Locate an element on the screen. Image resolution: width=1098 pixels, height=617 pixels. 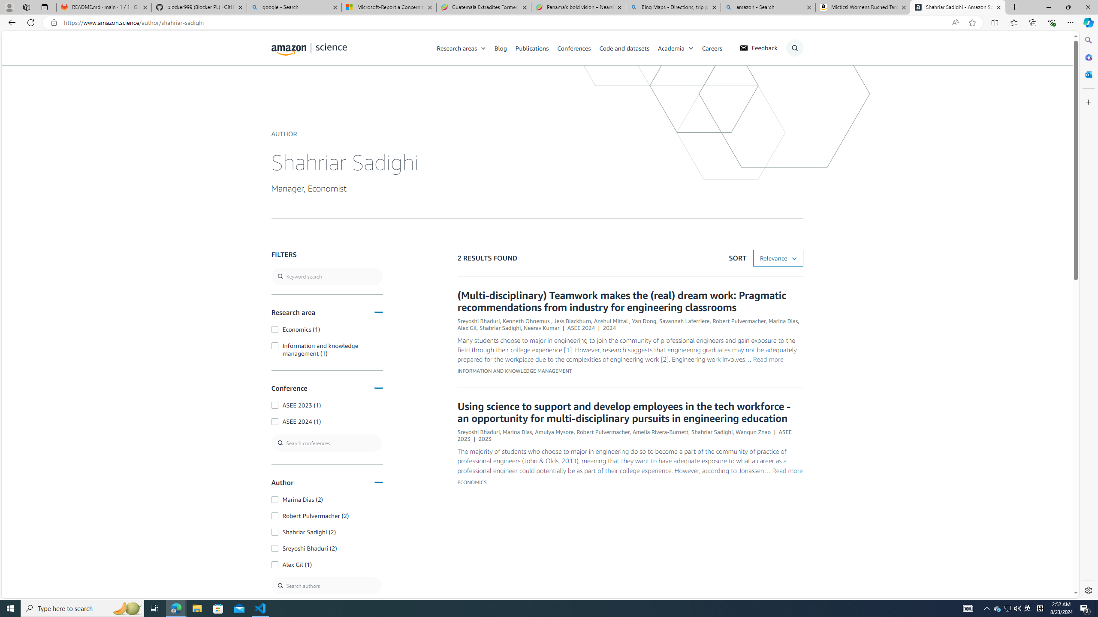
'Code and datasets' is located at coordinates (624, 48).